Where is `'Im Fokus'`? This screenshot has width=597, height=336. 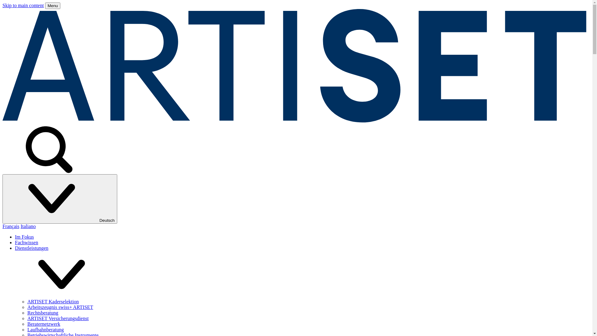 'Im Fokus' is located at coordinates (24, 237).